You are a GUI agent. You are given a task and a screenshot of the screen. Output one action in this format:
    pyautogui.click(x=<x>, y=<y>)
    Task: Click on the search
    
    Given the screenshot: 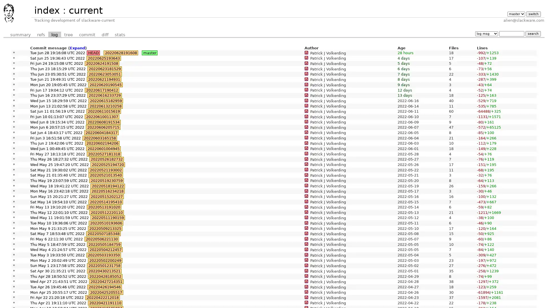 What is the action you would take?
    pyautogui.click(x=533, y=33)
    